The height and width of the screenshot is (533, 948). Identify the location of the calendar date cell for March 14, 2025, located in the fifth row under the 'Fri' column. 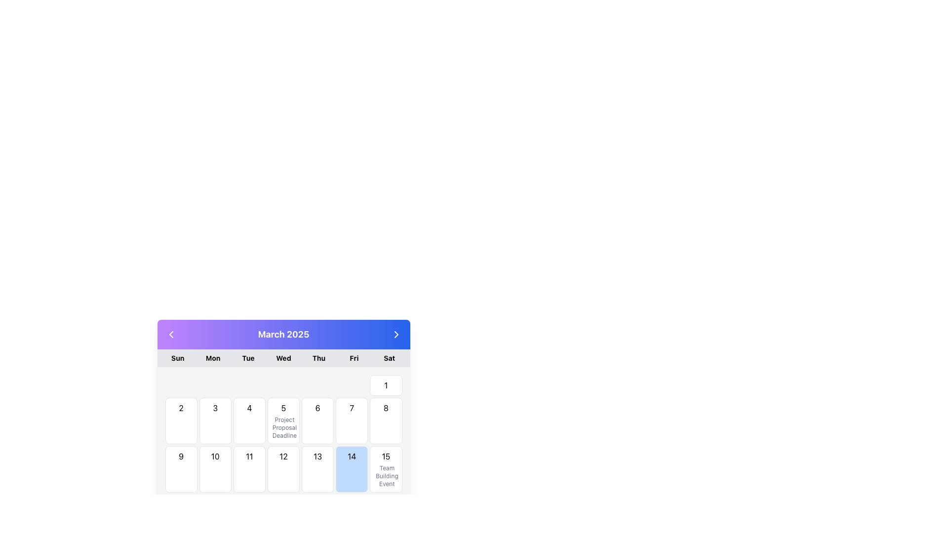
(352, 469).